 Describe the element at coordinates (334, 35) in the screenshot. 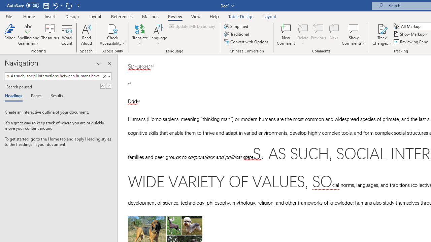

I see `'Next'` at that location.